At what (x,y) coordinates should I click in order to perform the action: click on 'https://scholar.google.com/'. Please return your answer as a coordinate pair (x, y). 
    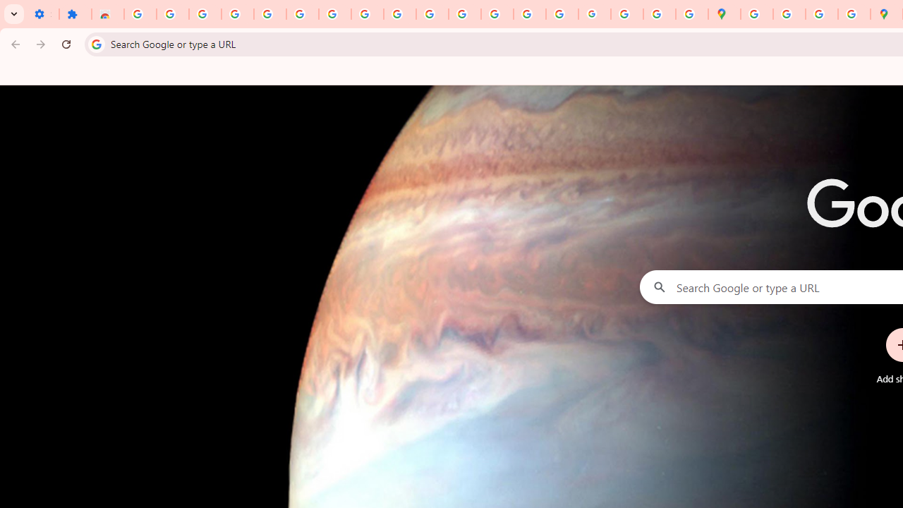
    Looking at the image, I should click on (465, 14).